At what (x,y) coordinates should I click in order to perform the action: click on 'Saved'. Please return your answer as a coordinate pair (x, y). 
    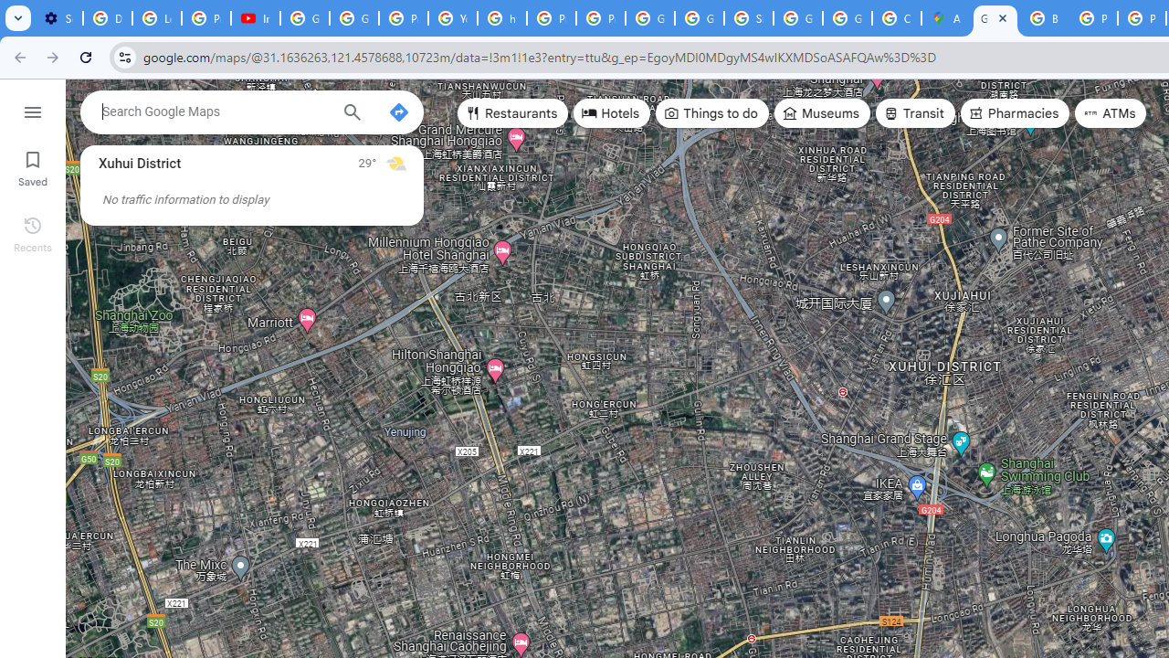
    Looking at the image, I should click on (32, 166).